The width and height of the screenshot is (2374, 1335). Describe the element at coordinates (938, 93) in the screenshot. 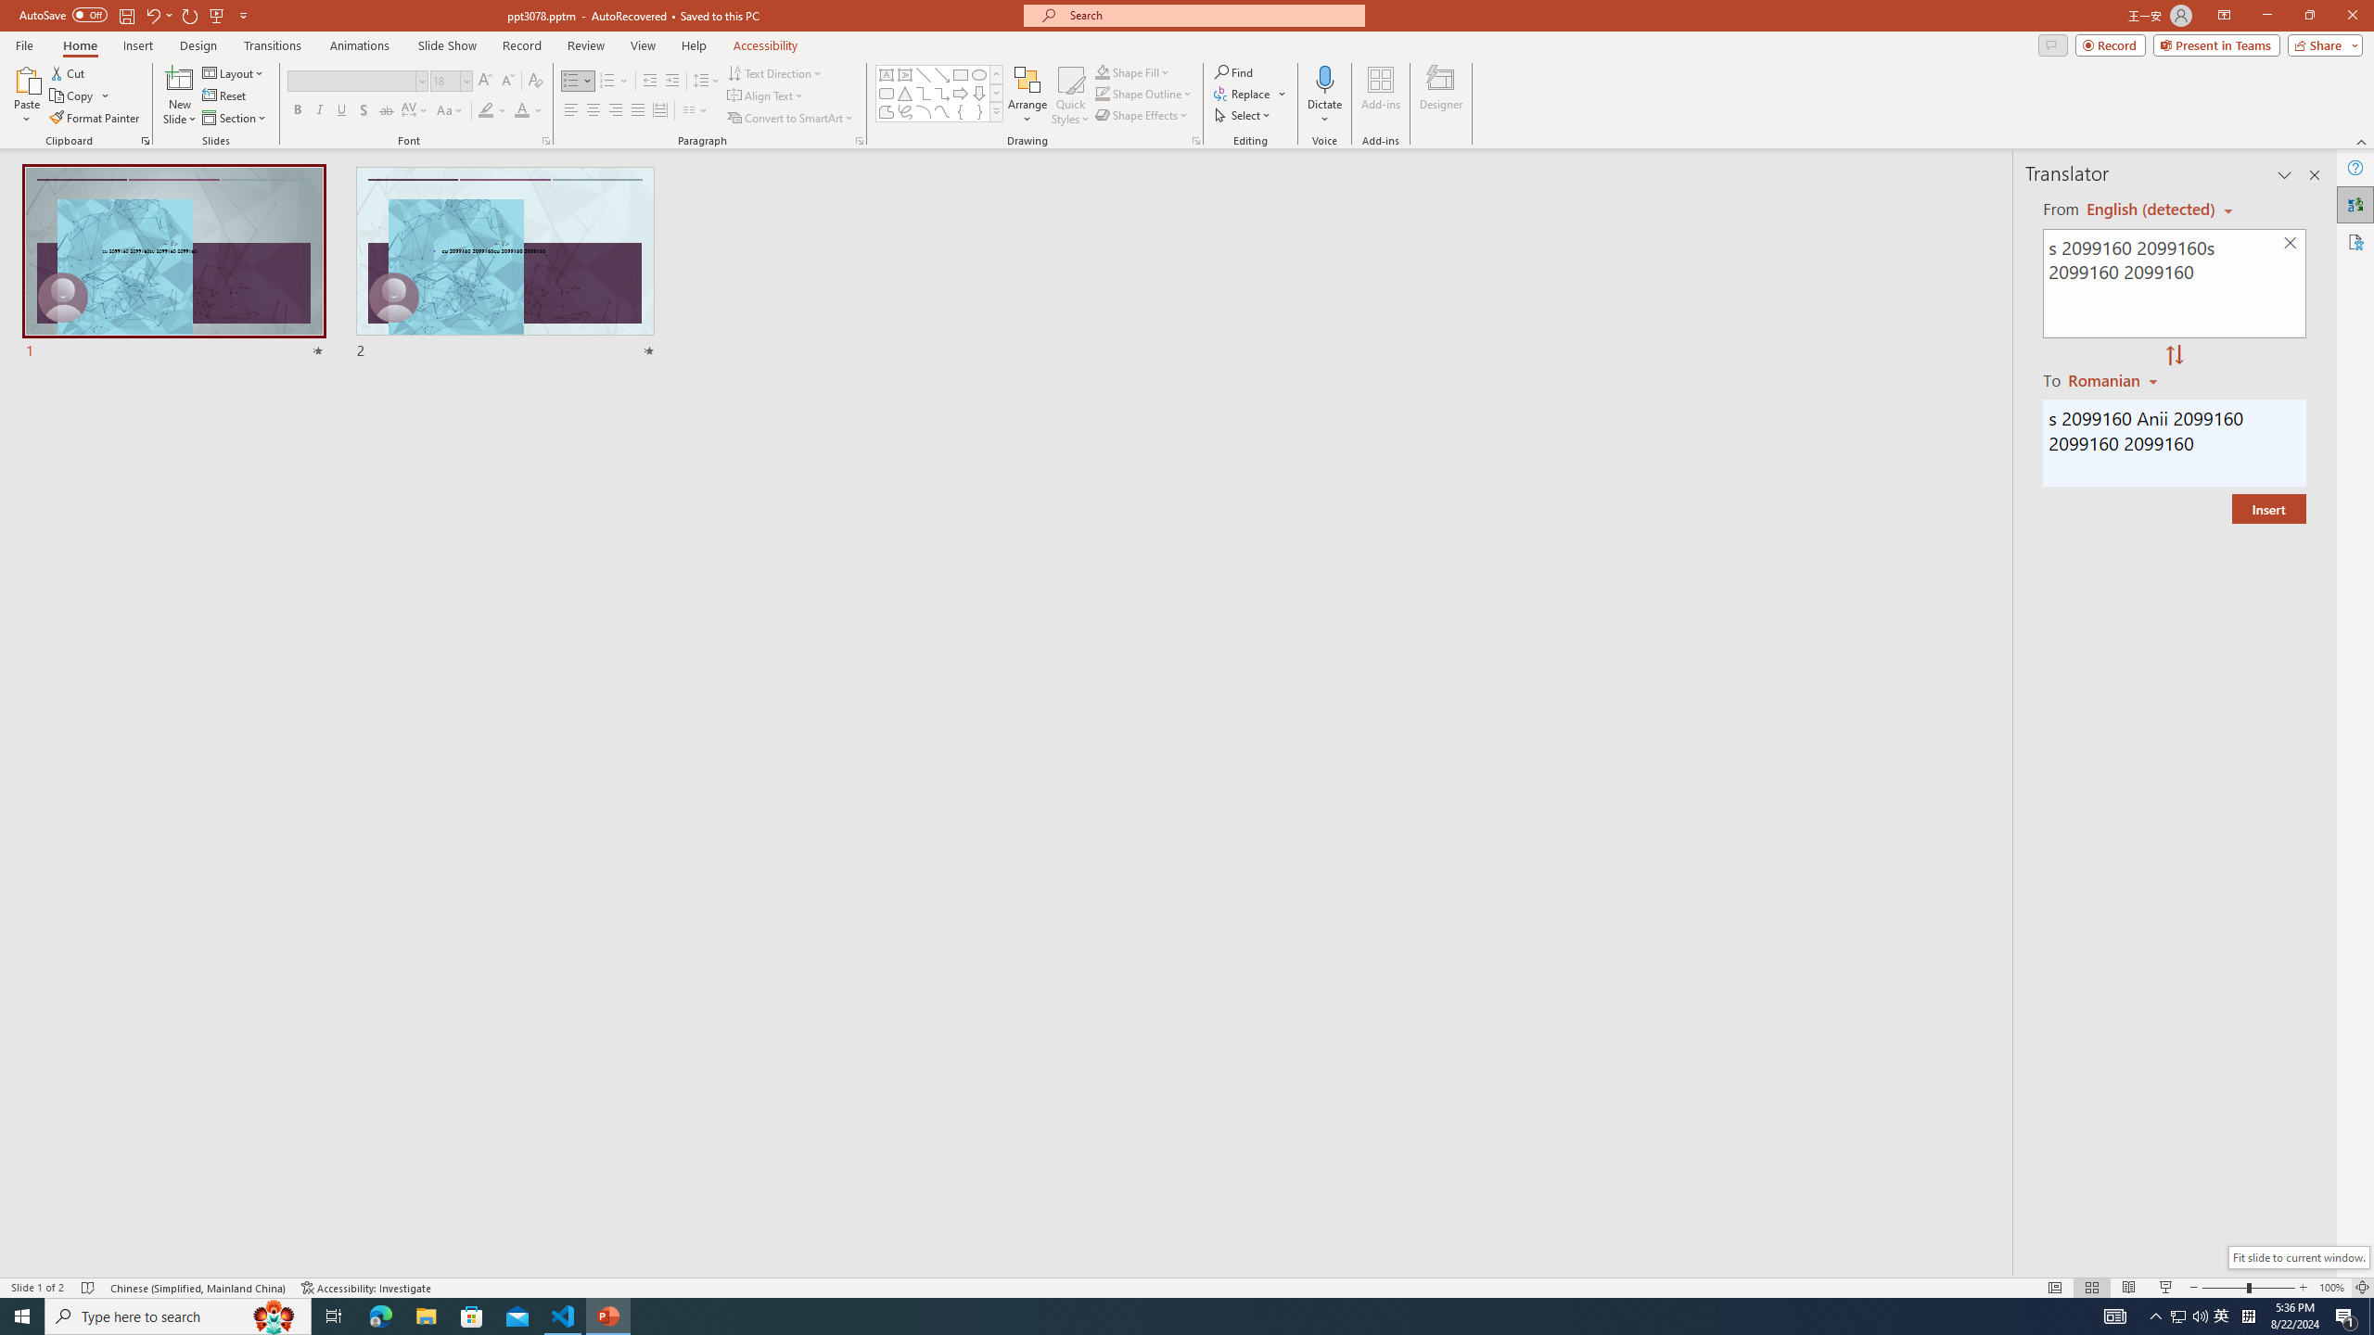

I see `'AutomationID: ShapesInsertGallery'` at that location.